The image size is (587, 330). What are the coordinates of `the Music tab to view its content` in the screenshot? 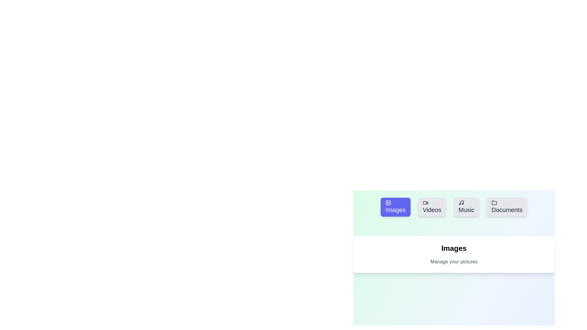 It's located at (466, 207).